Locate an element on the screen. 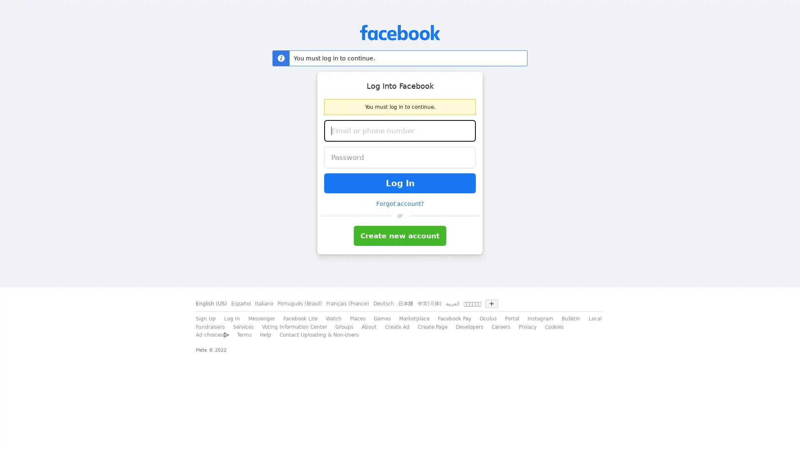 The image size is (800, 450). Log In is located at coordinates (400, 182).